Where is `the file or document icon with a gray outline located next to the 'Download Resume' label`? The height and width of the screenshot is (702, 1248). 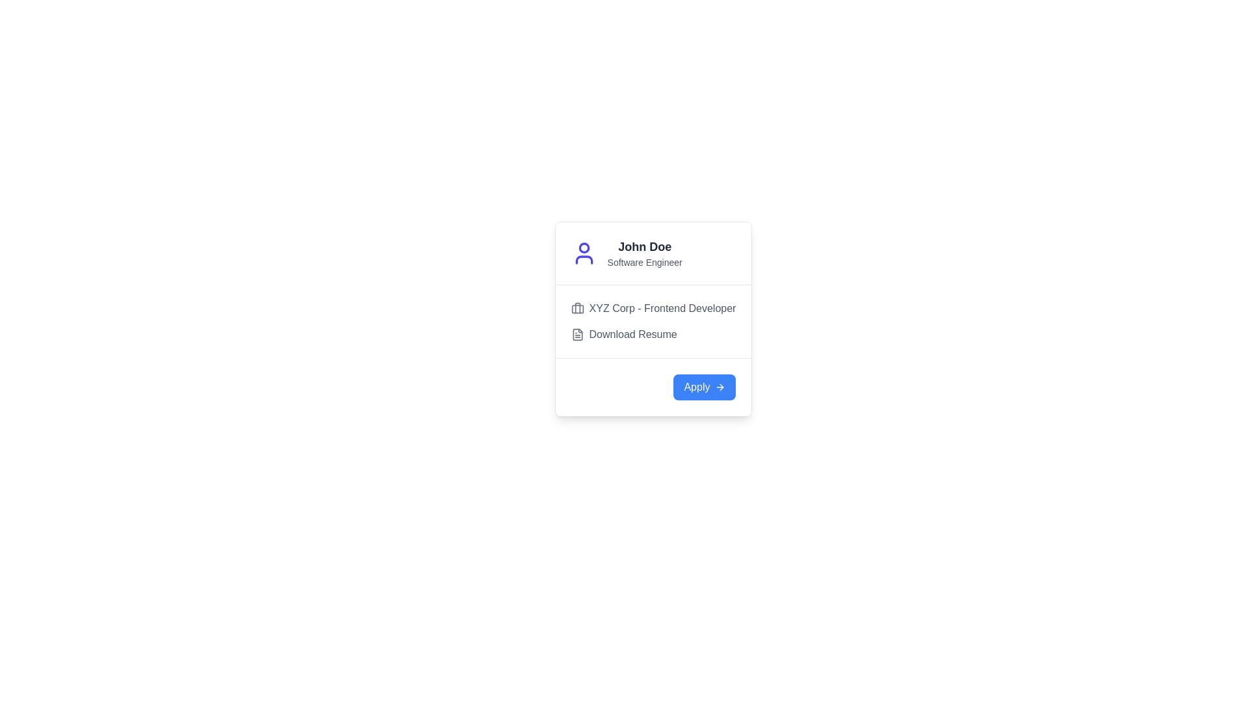 the file or document icon with a gray outline located next to the 'Download Resume' label is located at coordinates (577, 334).